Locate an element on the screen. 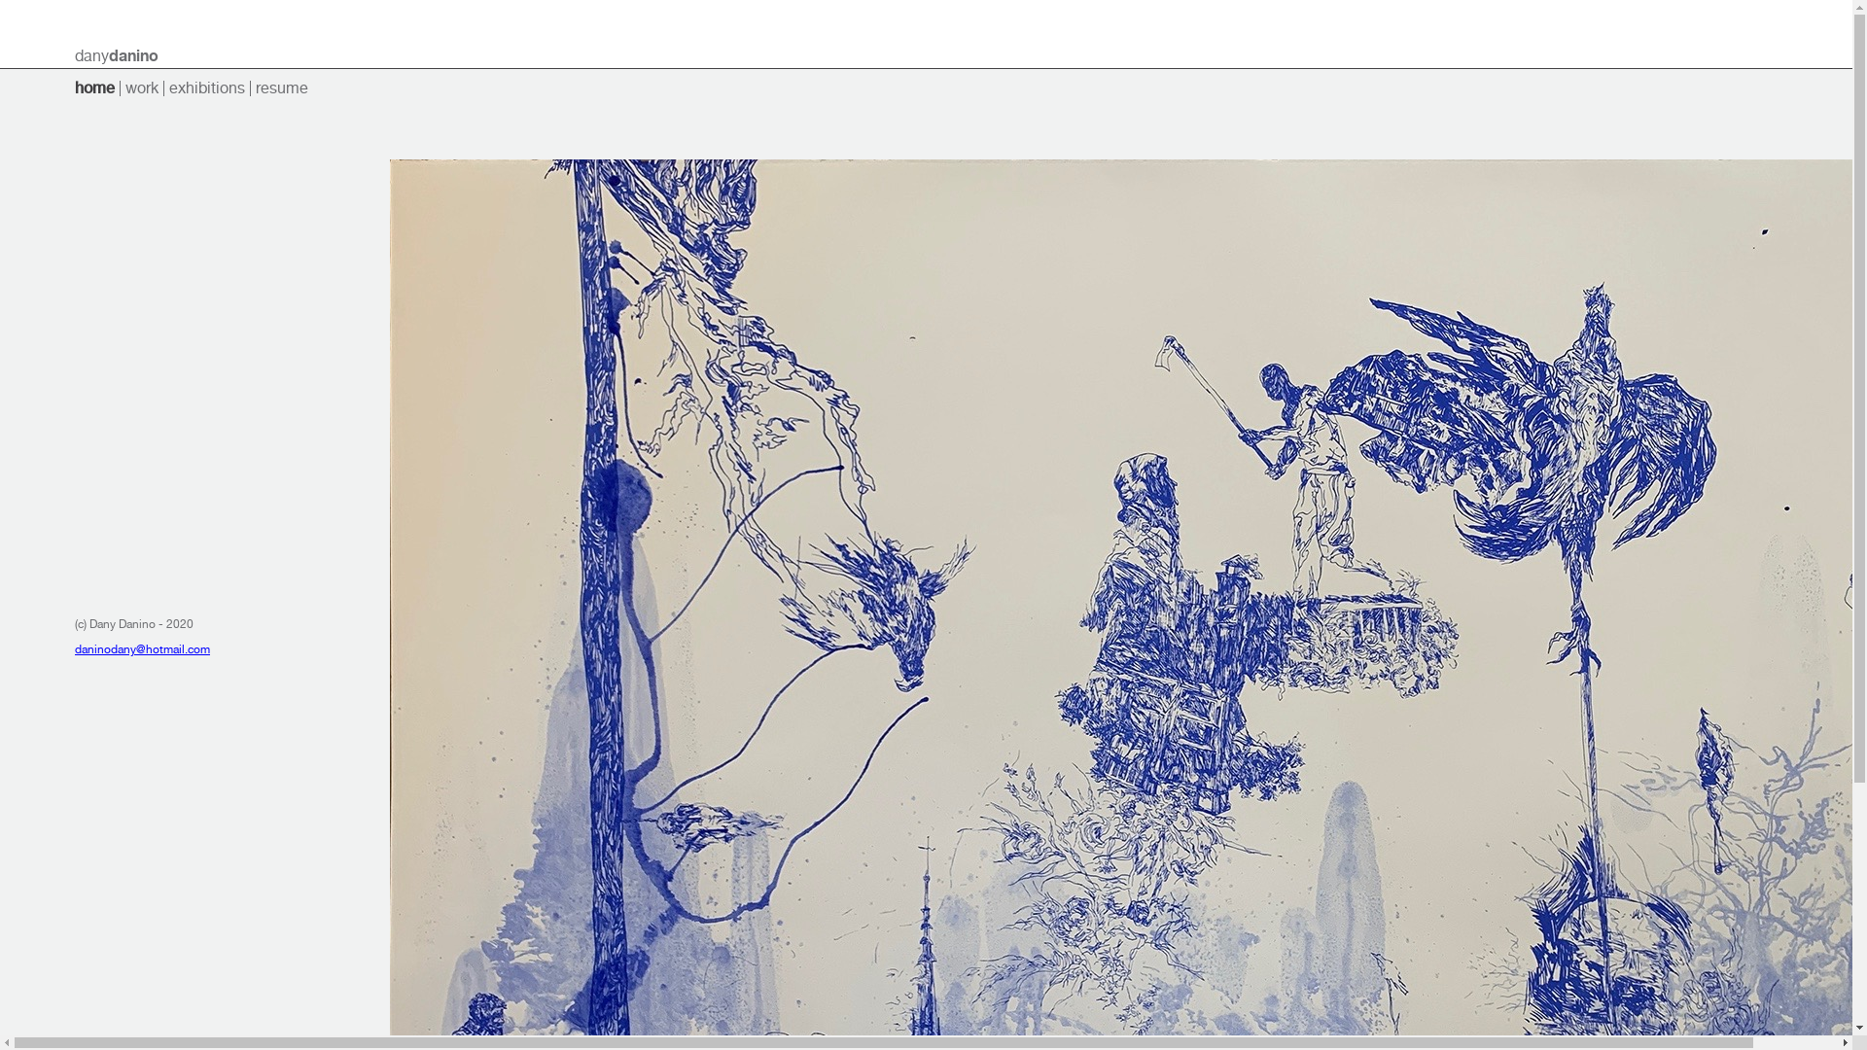 Image resolution: width=1867 pixels, height=1050 pixels. 'exhibitions' is located at coordinates (206, 87).